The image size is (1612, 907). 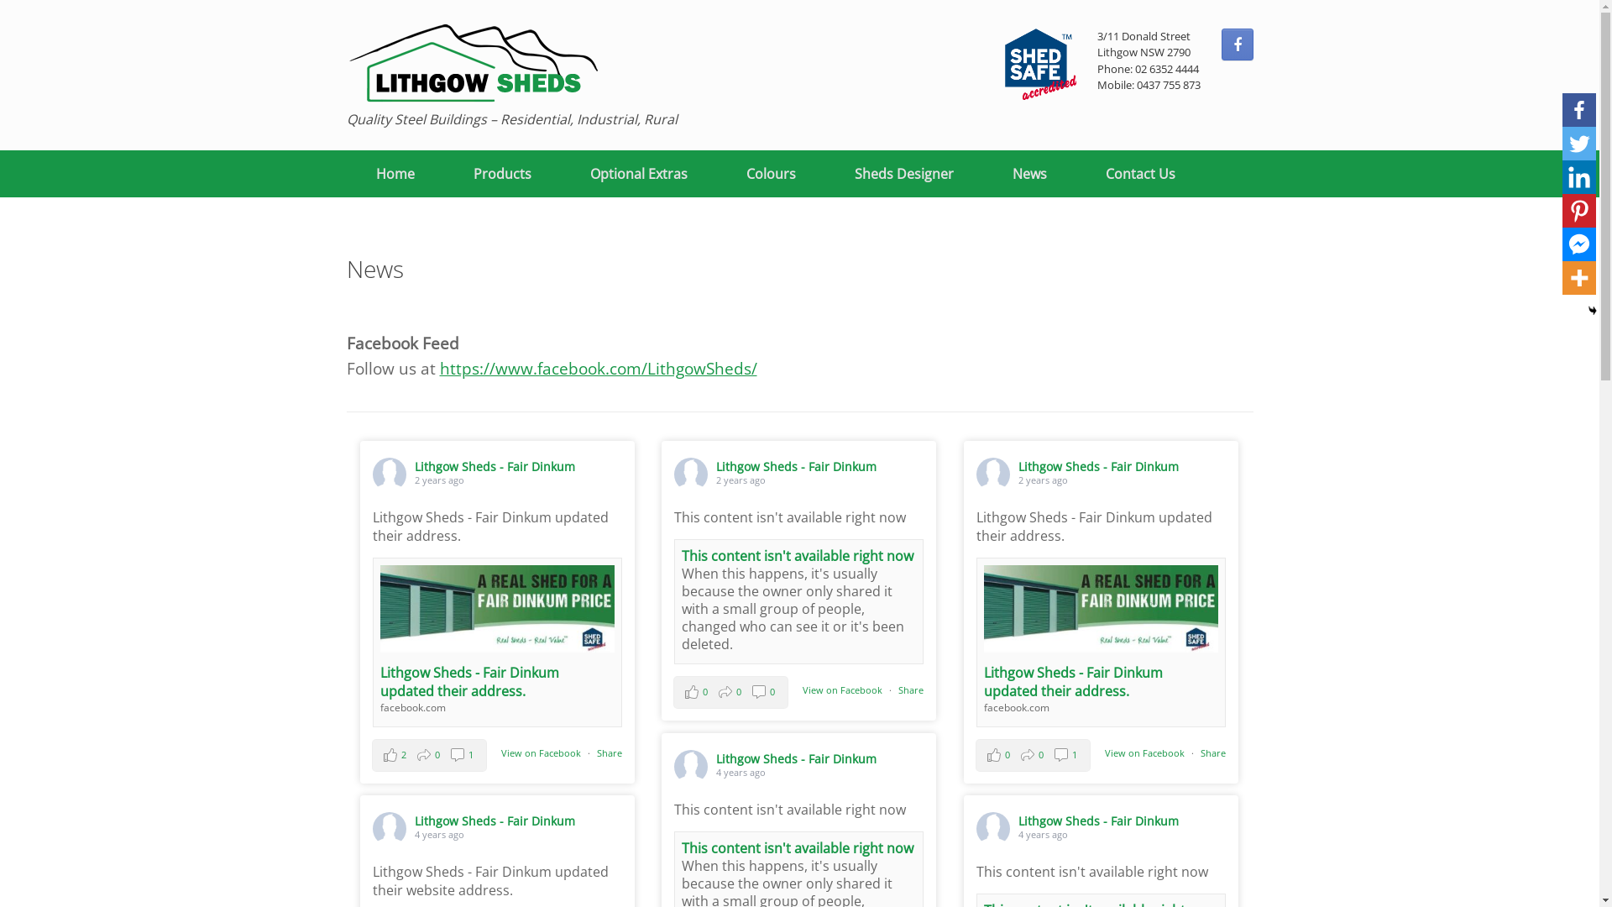 What do you see at coordinates (902, 174) in the screenshot?
I see `'Sheds Designer'` at bounding box center [902, 174].